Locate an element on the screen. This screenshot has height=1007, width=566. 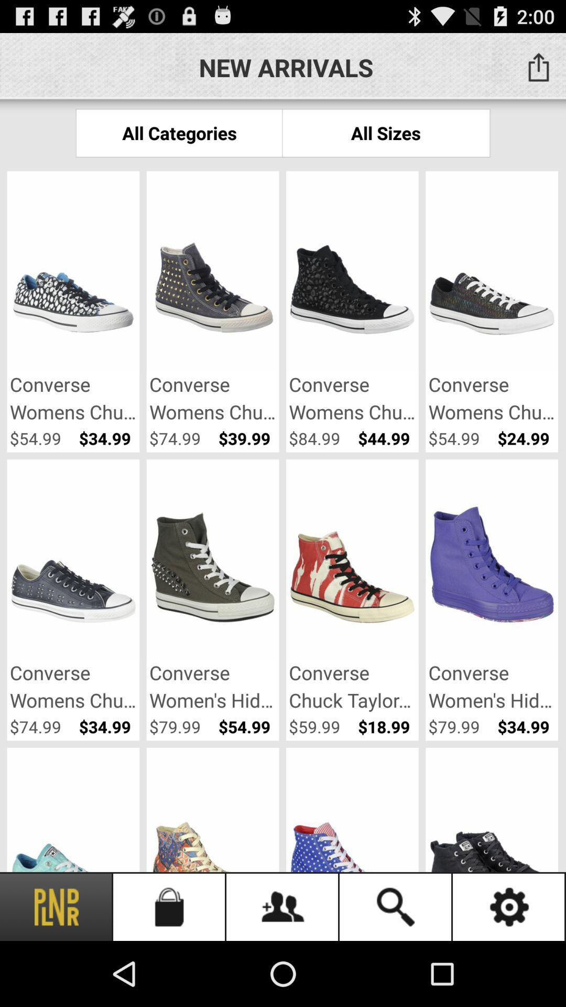
the image which is at first right side of the page is located at coordinates (492, 272).